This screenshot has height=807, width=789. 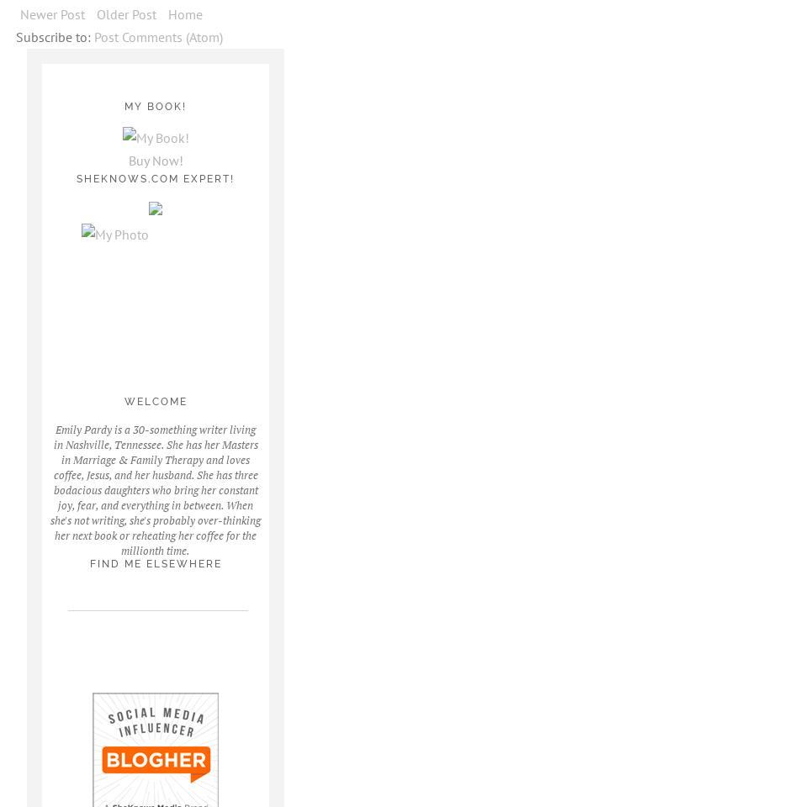 What do you see at coordinates (185, 13) in the screenshot?
I see `'Home'` at bounding box center [185, 13].